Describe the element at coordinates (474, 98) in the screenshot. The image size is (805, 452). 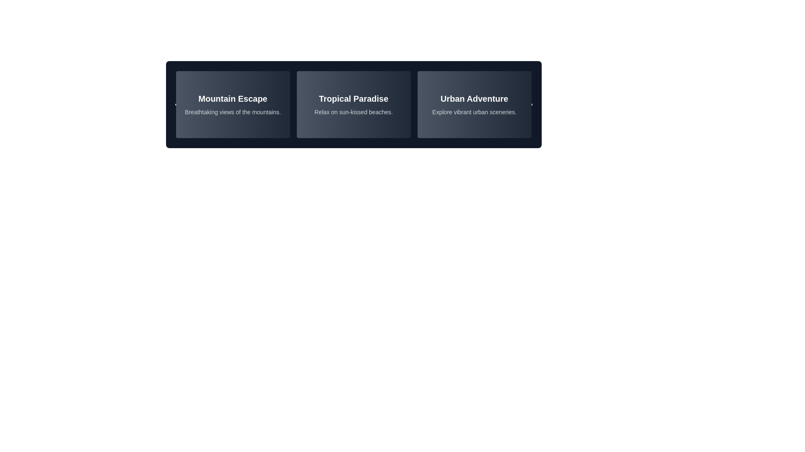
I see `text content displayed in the heading or title of the third card in the row, located at the top-right corner of the interface` at that location.